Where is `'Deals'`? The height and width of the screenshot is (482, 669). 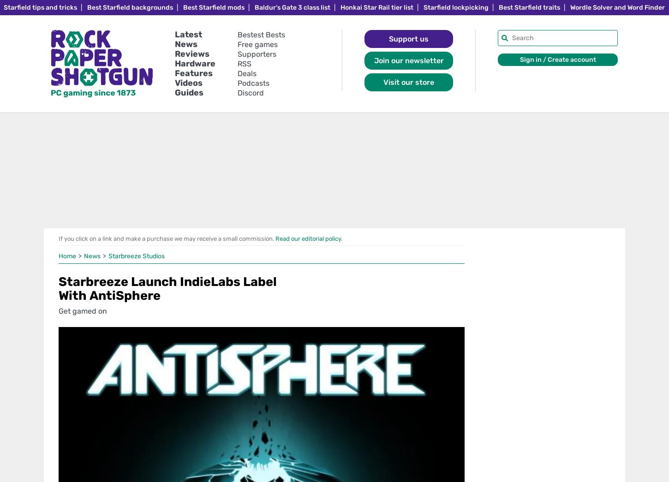 'Deals' is located at coordinates (247, 73).